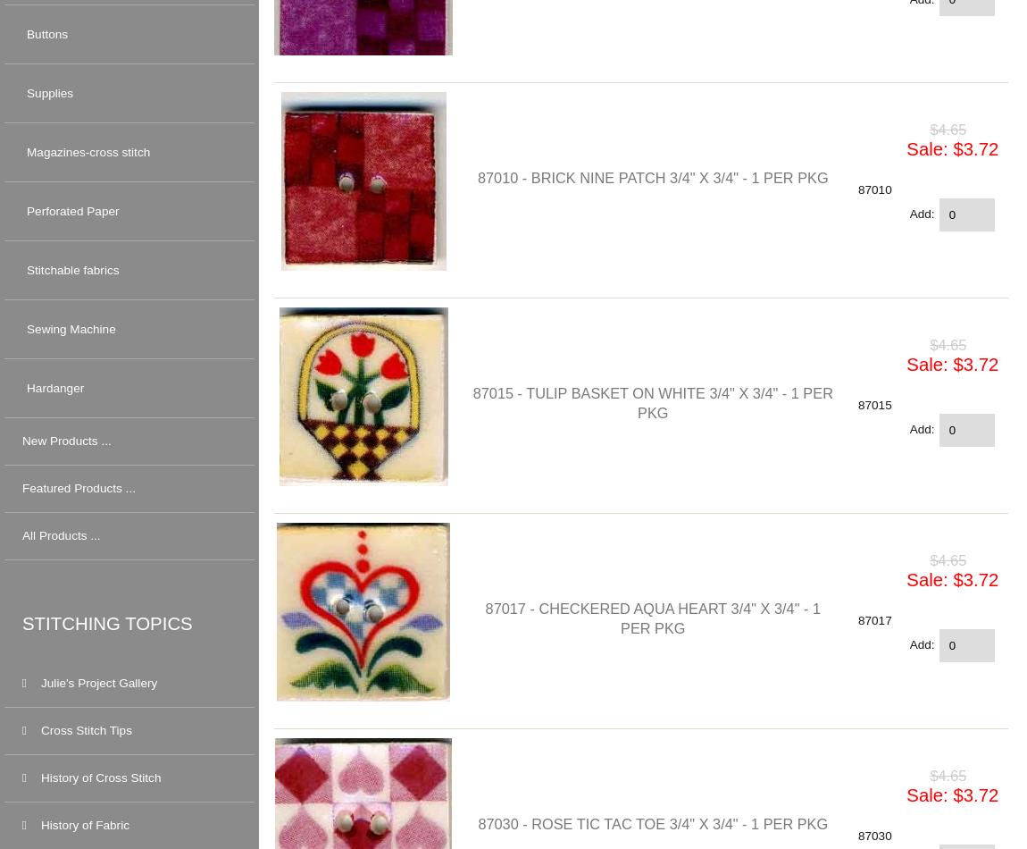  What do you see at coordinates (65, 440) in the screenshot?
I see `'New Products ...'` at bounding box center [65, 440].